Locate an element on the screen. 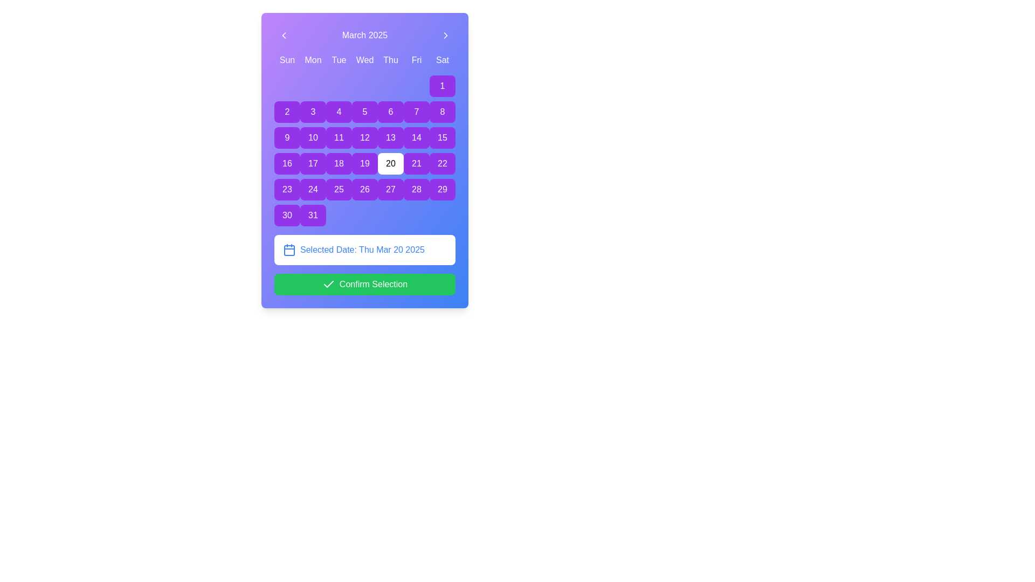 This screenshot has height=582, width=1035. the chevron icon located in the top-right corner of the calendar interface next to the text 'March 2025' is located at coordinates (445, 34).